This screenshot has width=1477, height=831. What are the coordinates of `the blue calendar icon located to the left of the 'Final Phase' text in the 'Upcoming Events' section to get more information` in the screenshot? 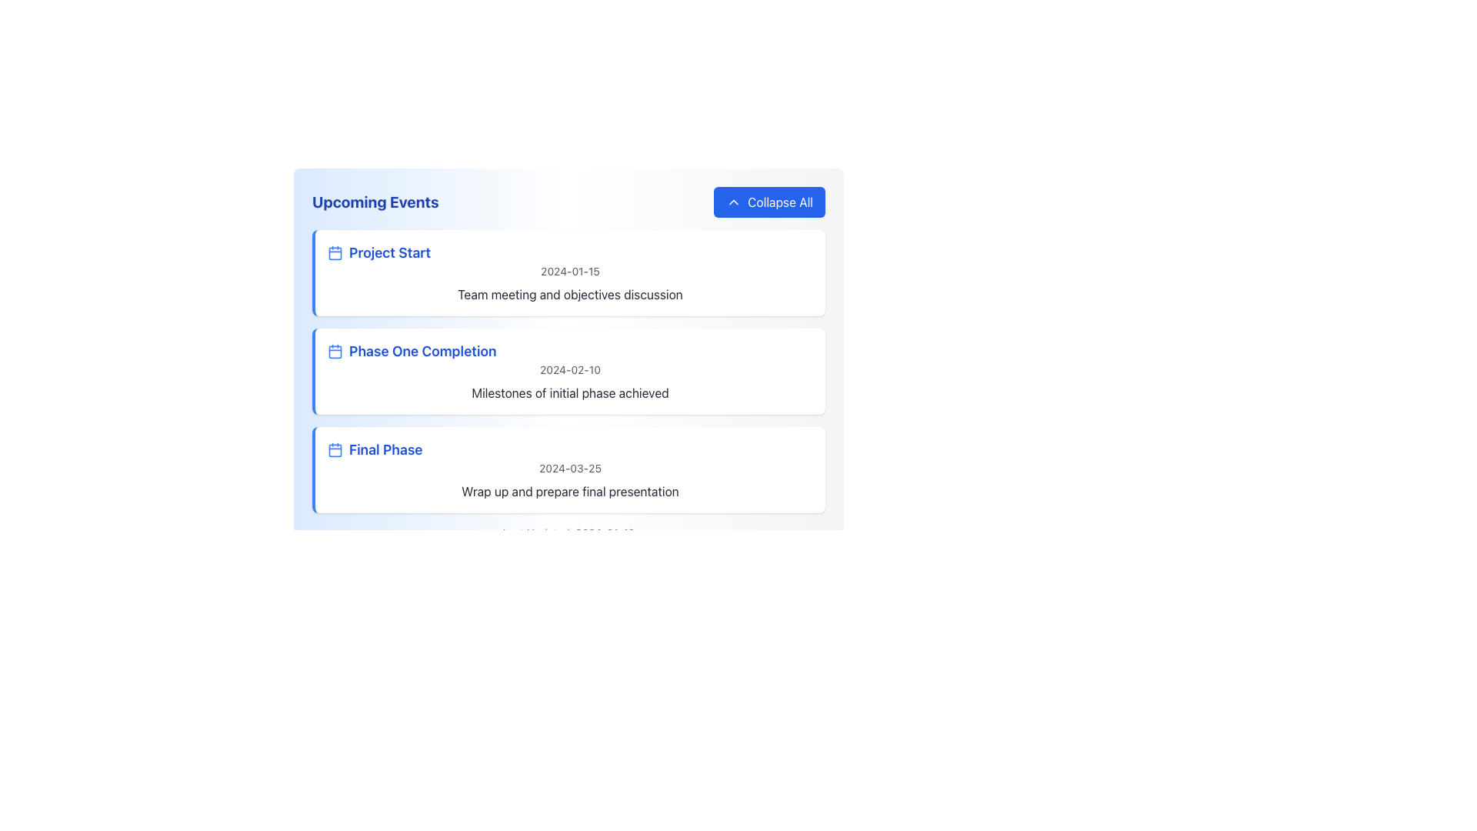 It's located at (335, 450).